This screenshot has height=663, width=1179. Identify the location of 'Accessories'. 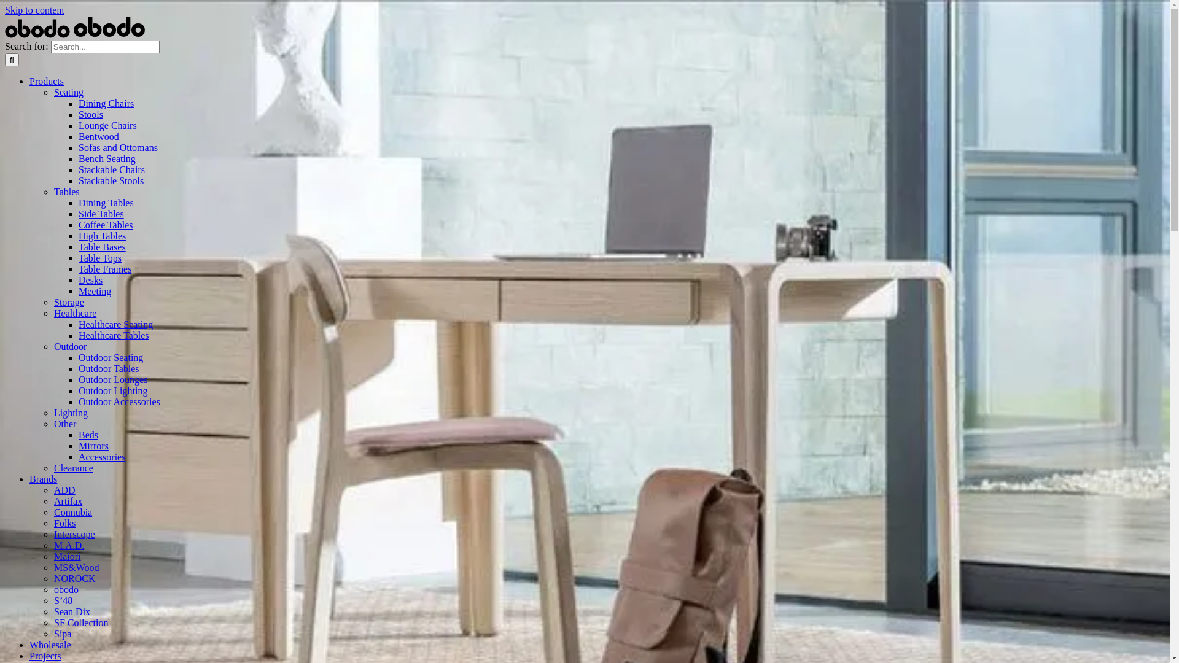
(102, 457).